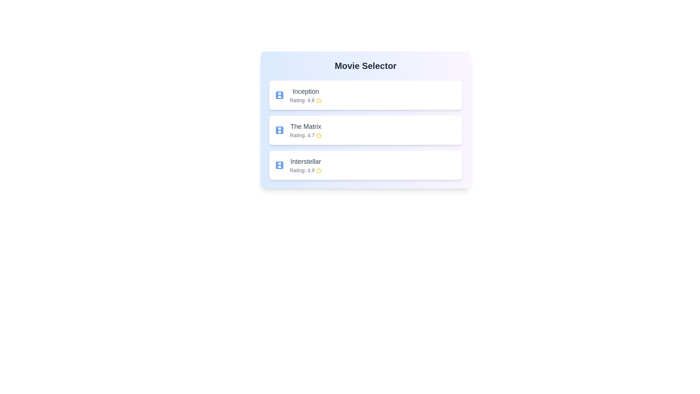 The height and width of the screenshot is (394, 700). What do you see at coordinates (366, 130) in the screenshot?
I see `the movie item corresponding to The Matrix` at bounding box center [366, 130].